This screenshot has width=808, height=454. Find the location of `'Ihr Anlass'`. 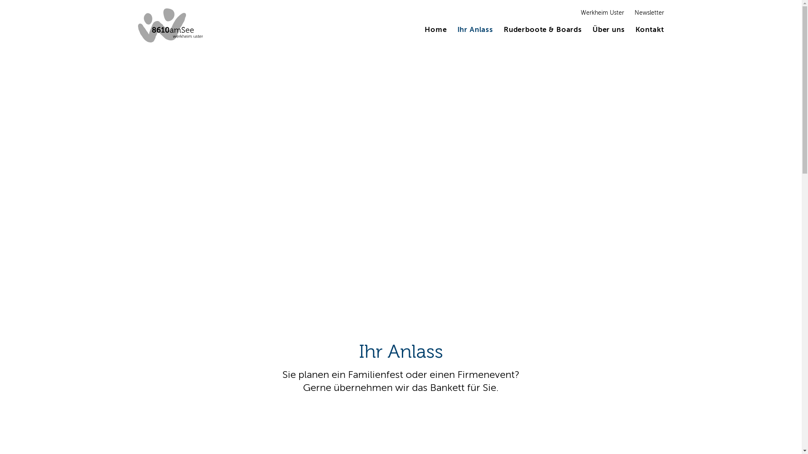

'Ihr Anlass' is located at coordinates (475, 29).